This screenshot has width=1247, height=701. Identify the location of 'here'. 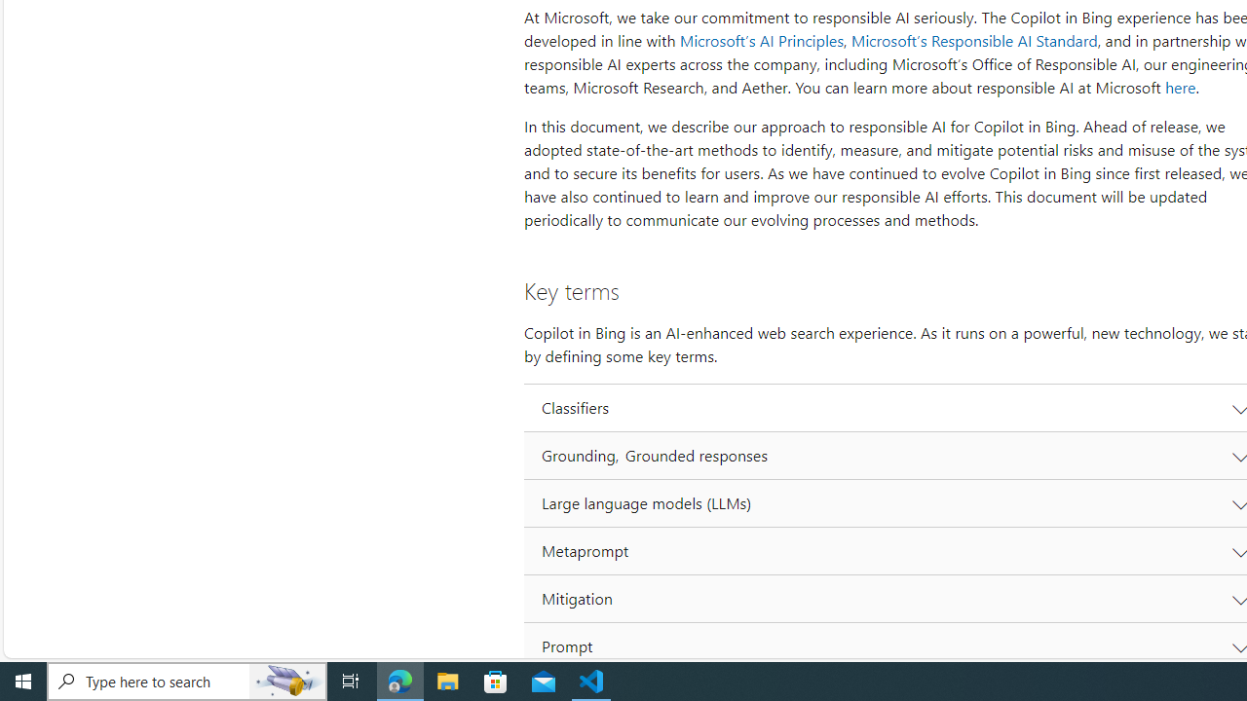
(1179, 88).